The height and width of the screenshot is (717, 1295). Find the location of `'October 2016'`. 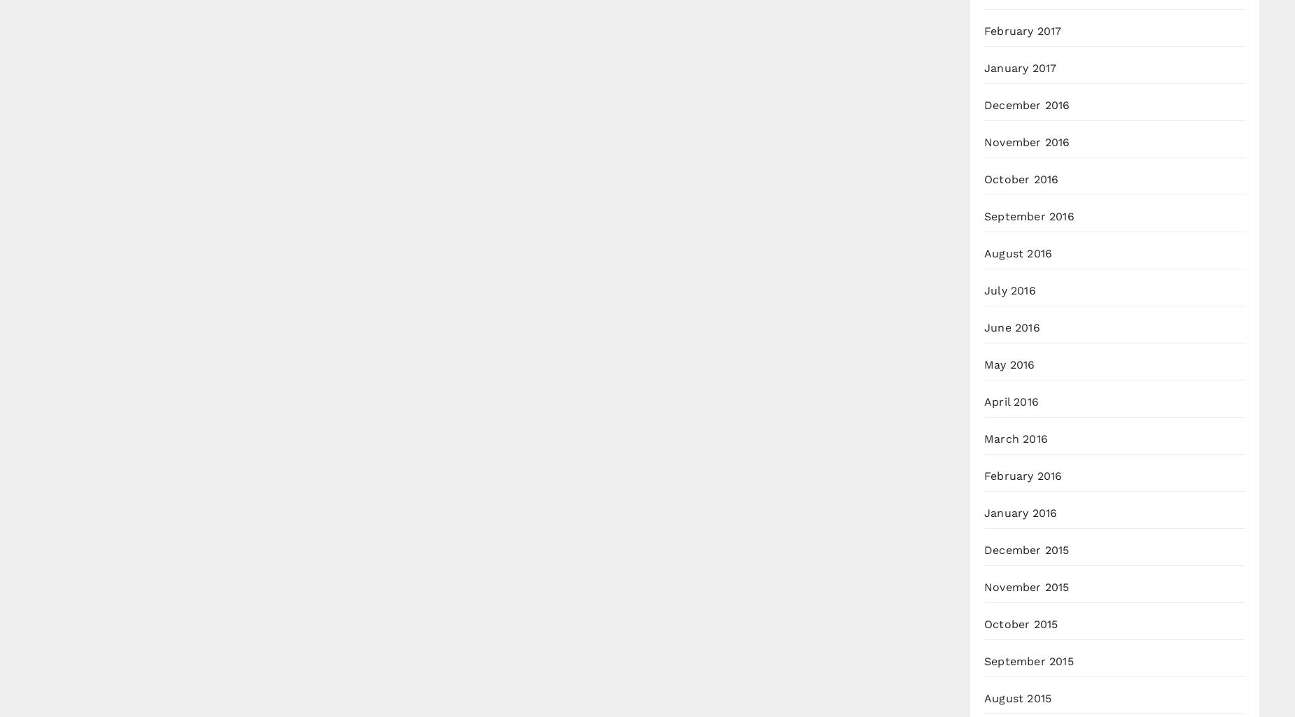

'October 2016' is located at coordinates (1021, 178).